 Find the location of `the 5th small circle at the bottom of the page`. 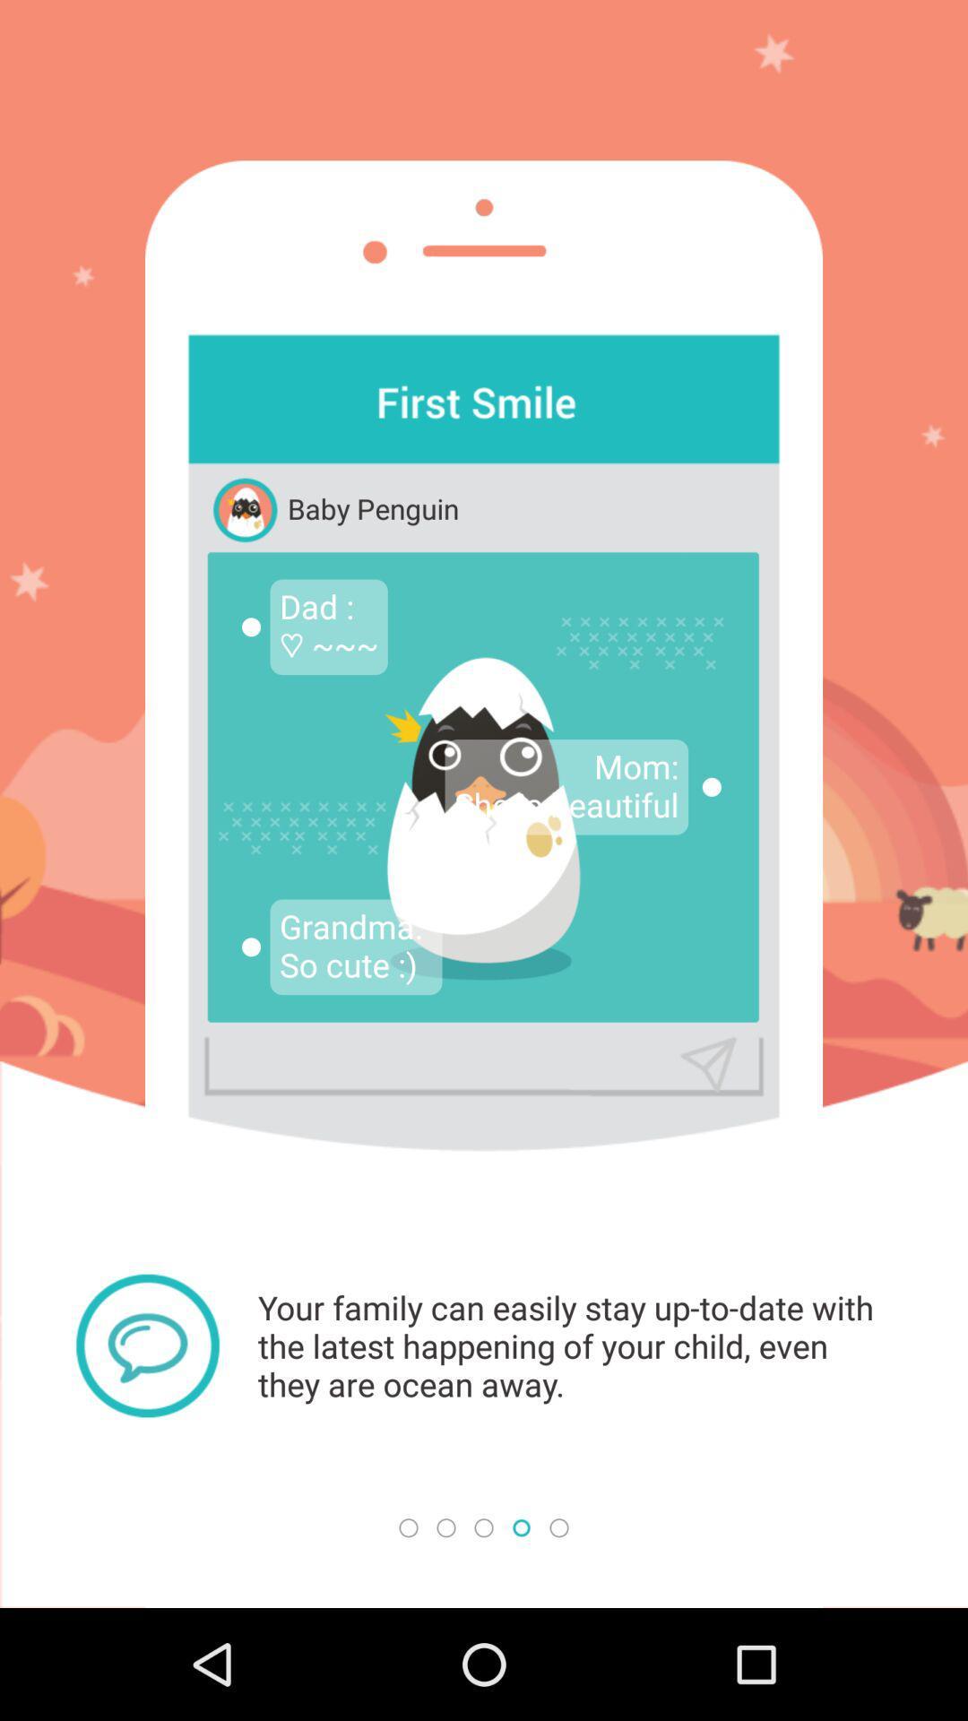

the 5th small circle at the bottom of the page is located at coordinates (558, 1526).